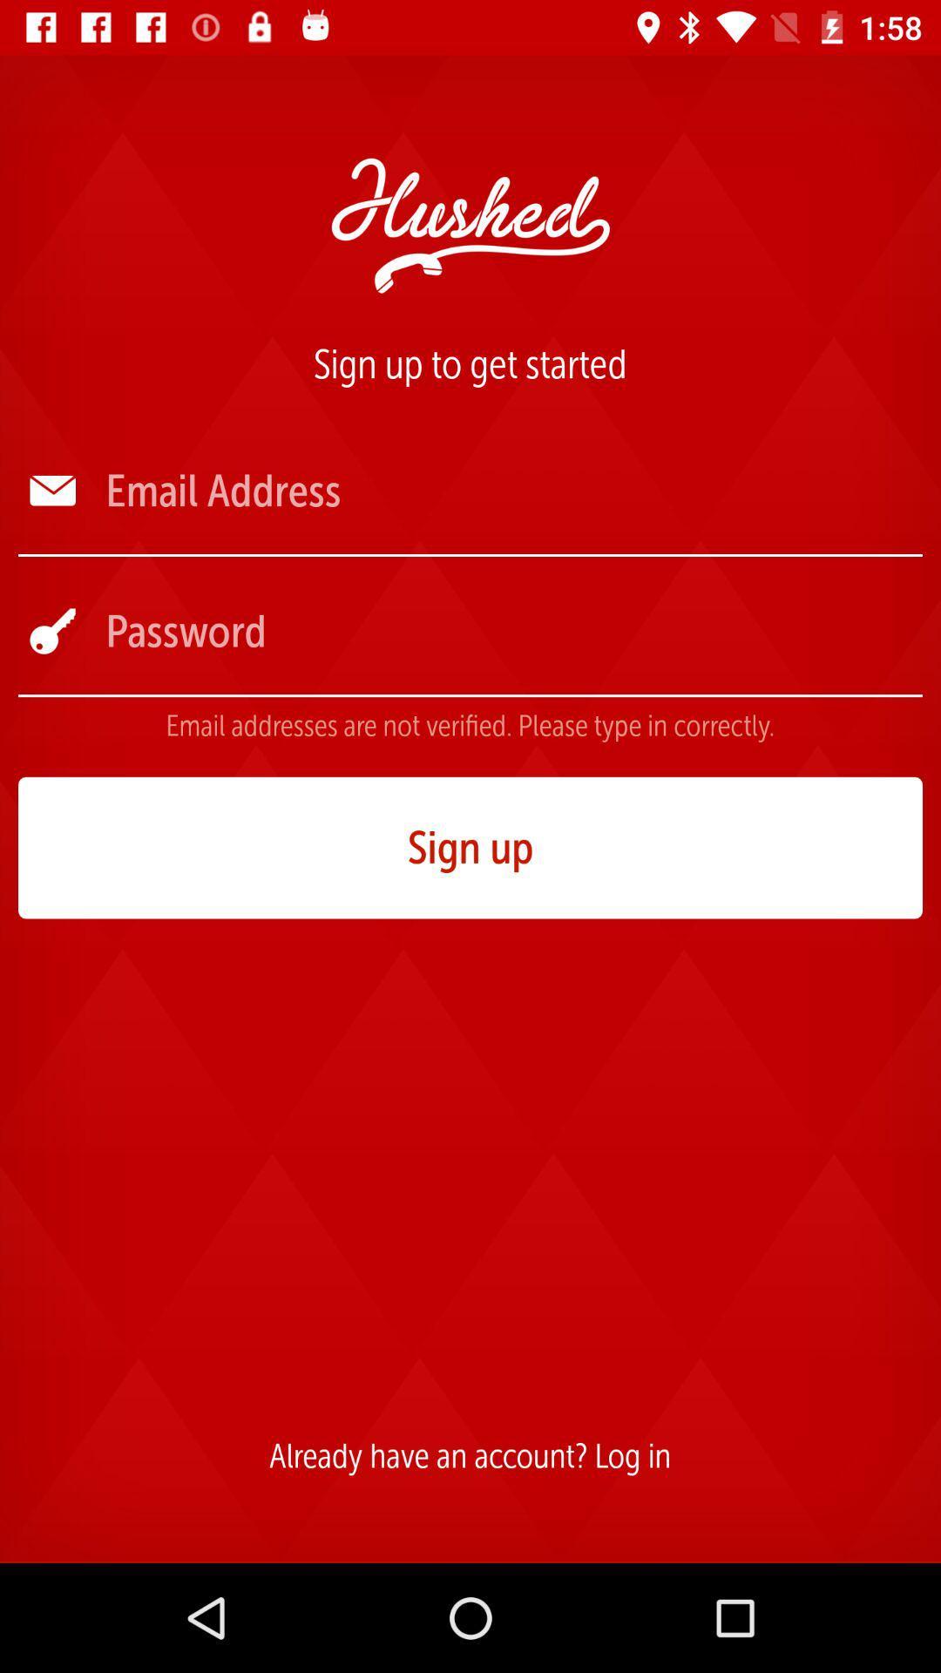 This screenshot has height=1673, width=941. I want to click on email field, so click(511, 490).